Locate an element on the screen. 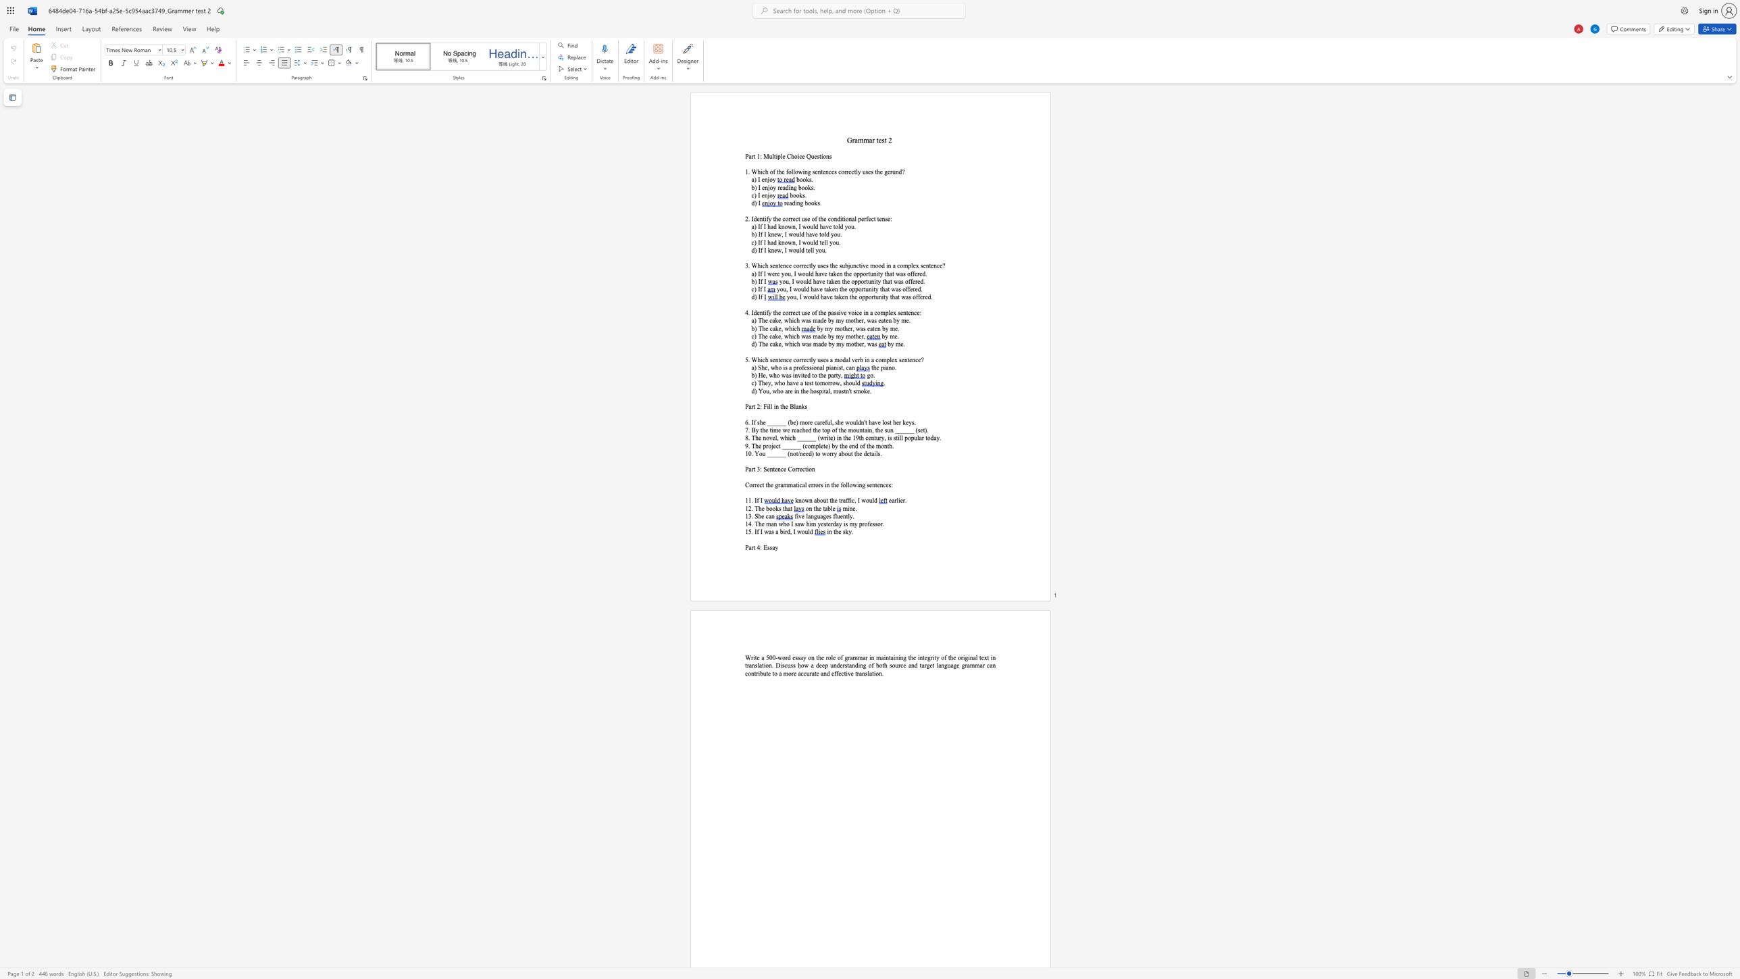 The height and width of the screenshot is (979, 1740). the space between the continuous character "h" and "e" in the text is located at coordinates (834, 499).